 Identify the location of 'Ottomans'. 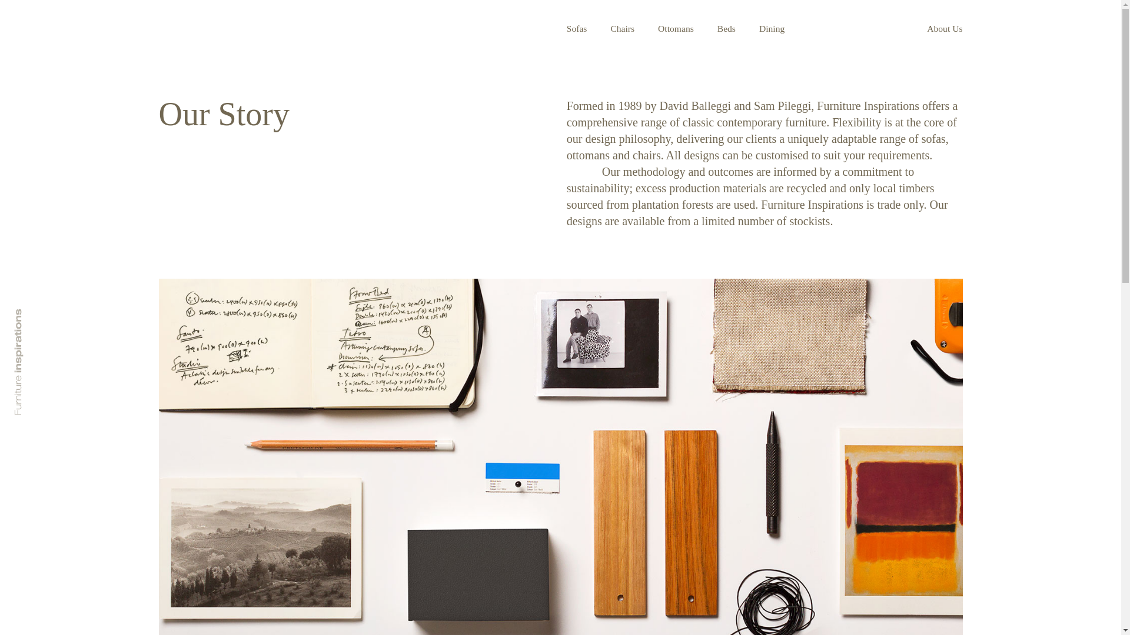
(676, 28).